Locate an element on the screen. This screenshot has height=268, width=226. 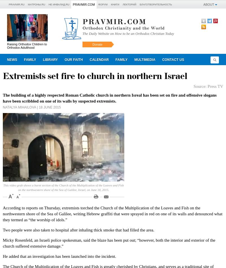
'Матроны.RU' is located at coordinates (36, 4).